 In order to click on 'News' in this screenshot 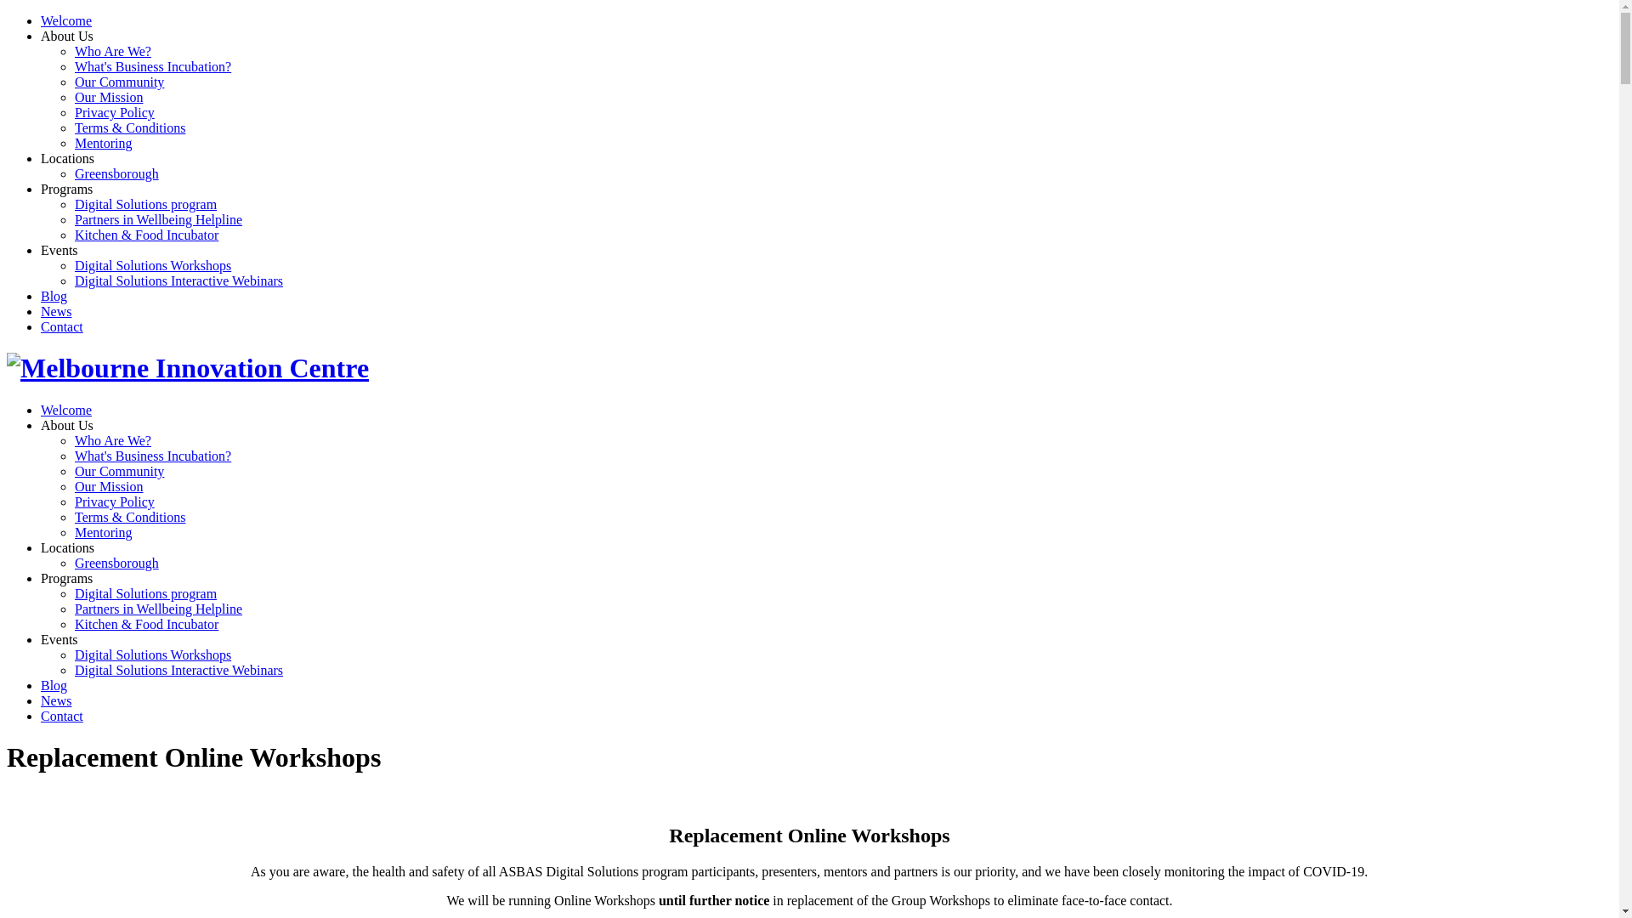, I will do `click(56, 311)`.